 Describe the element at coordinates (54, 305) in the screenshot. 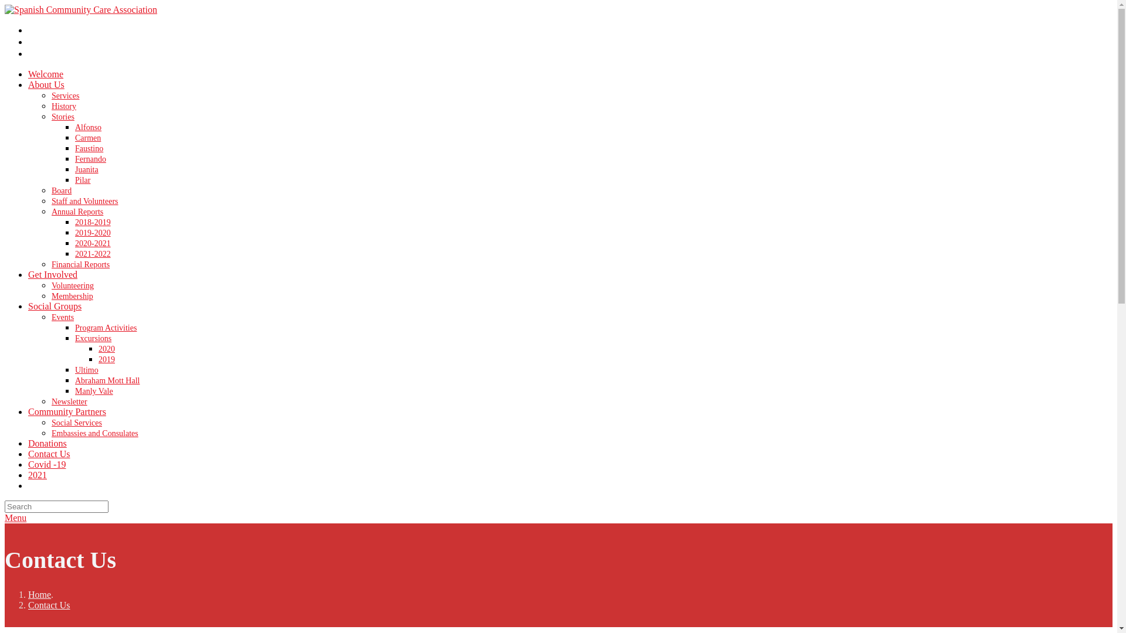

I see `'Social Groups'` at that location.